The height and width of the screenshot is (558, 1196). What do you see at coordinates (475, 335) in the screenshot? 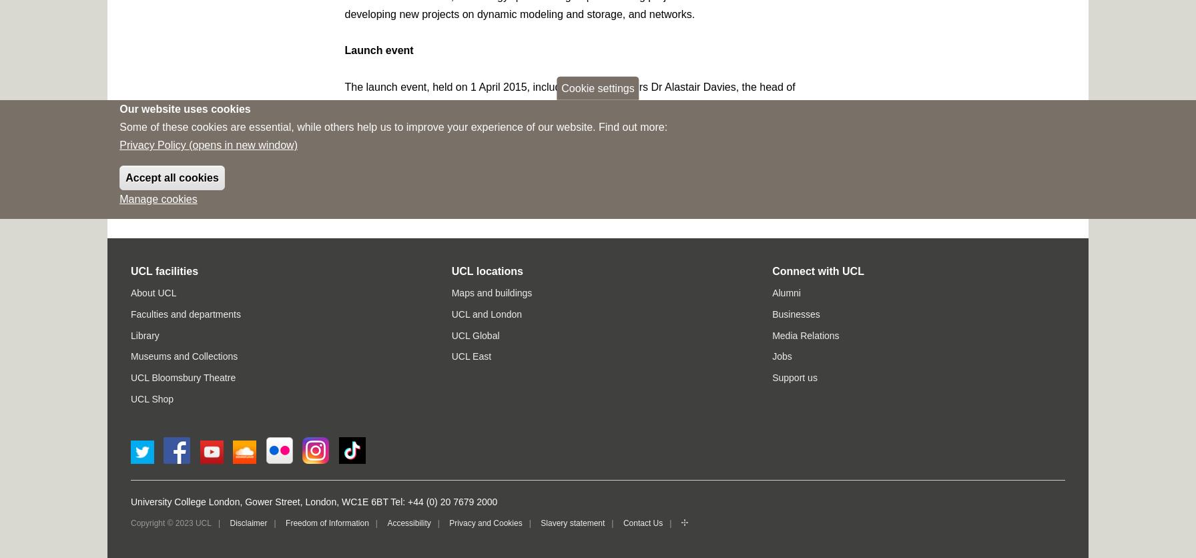
I see `'UCL Global'` at bounding box center [475, 335].